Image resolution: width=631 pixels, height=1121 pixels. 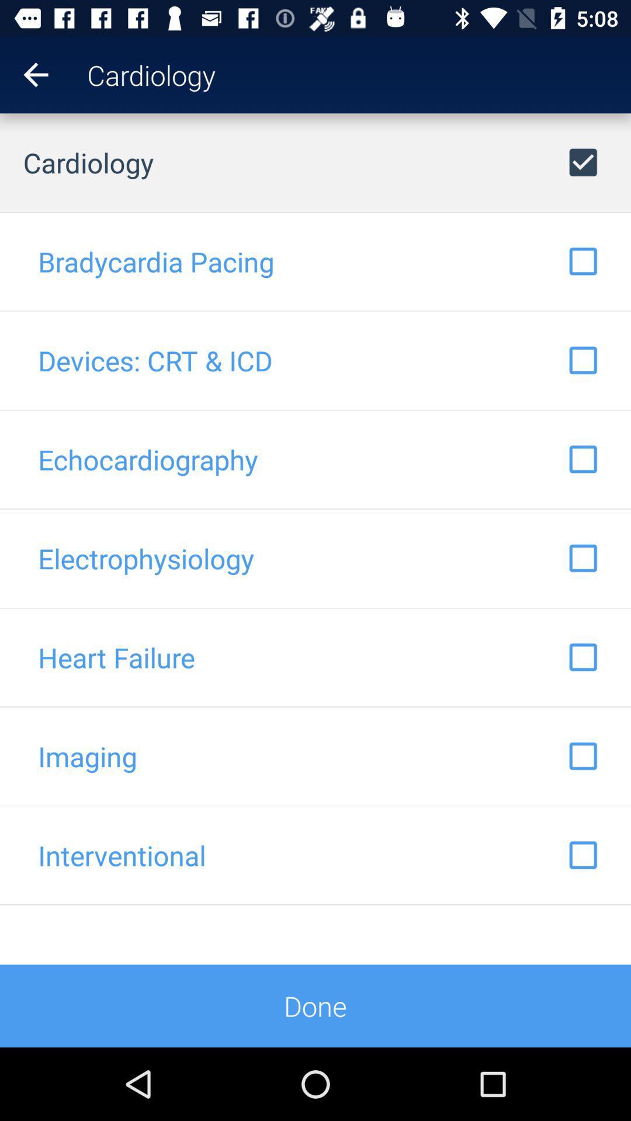 I want to click on the item to the right of the cardiology app, so click(x=615, y=74).